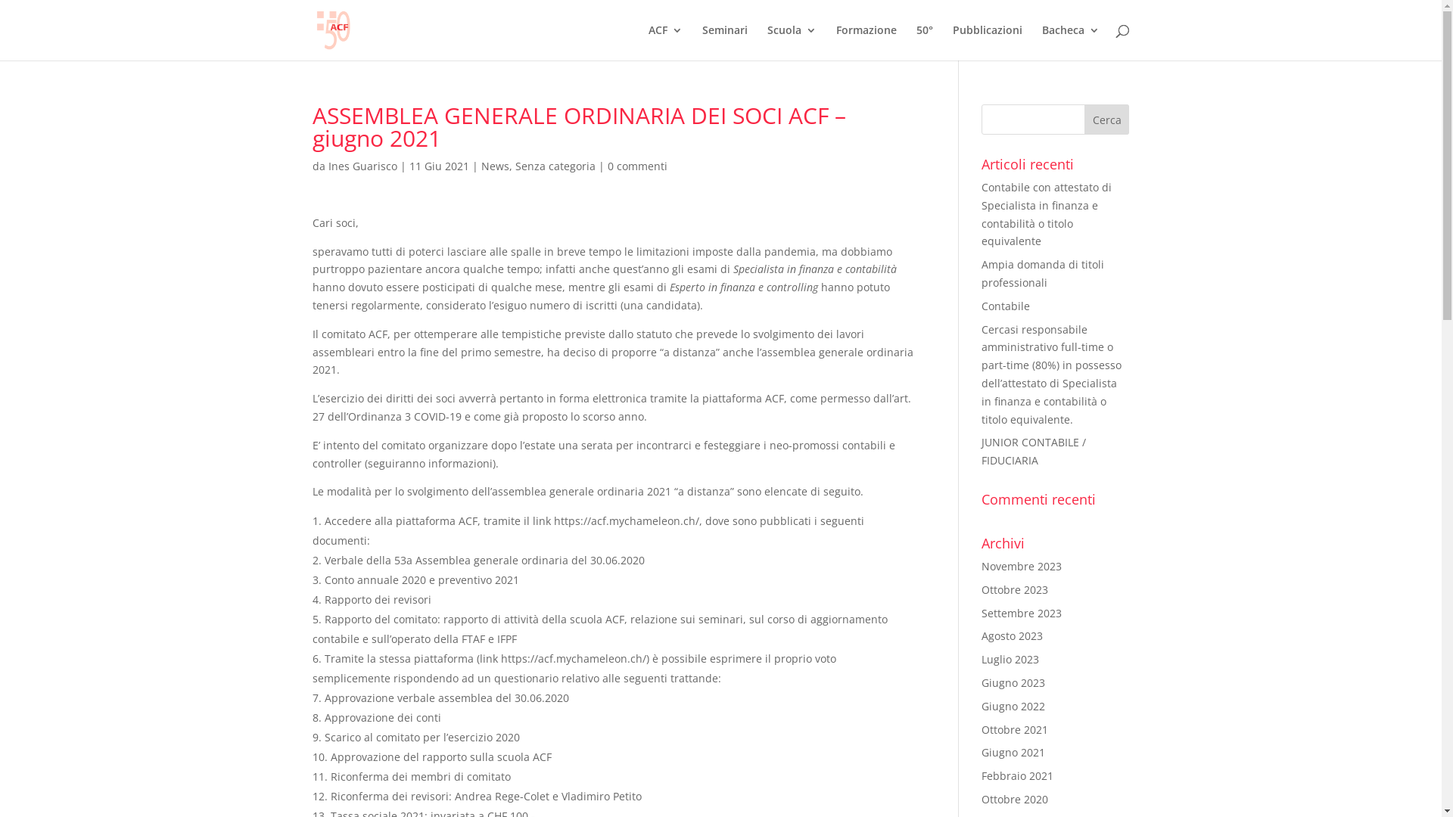 Image resolution: width=1453 pixels, height=817 pixels. What do you see at coordinates (1014, 589) in the screenshot?
I see `'Ottobre 2023'` at bounding box center [1014, 589].